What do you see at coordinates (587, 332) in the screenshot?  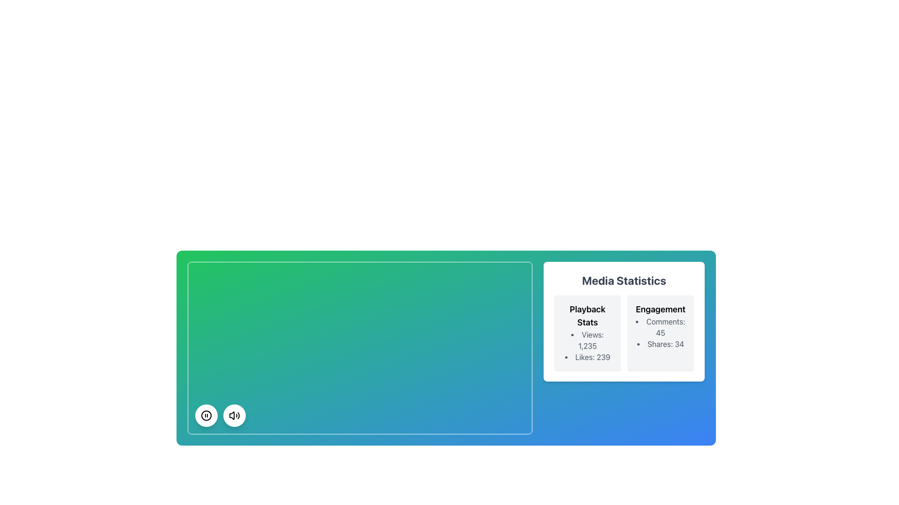 I see `the Statistical Display Card that summarizes playback metrics such as view count and likes, located in the right section of the interface as the first card on the left in a two-column grid` at bounding box center [587, 332].